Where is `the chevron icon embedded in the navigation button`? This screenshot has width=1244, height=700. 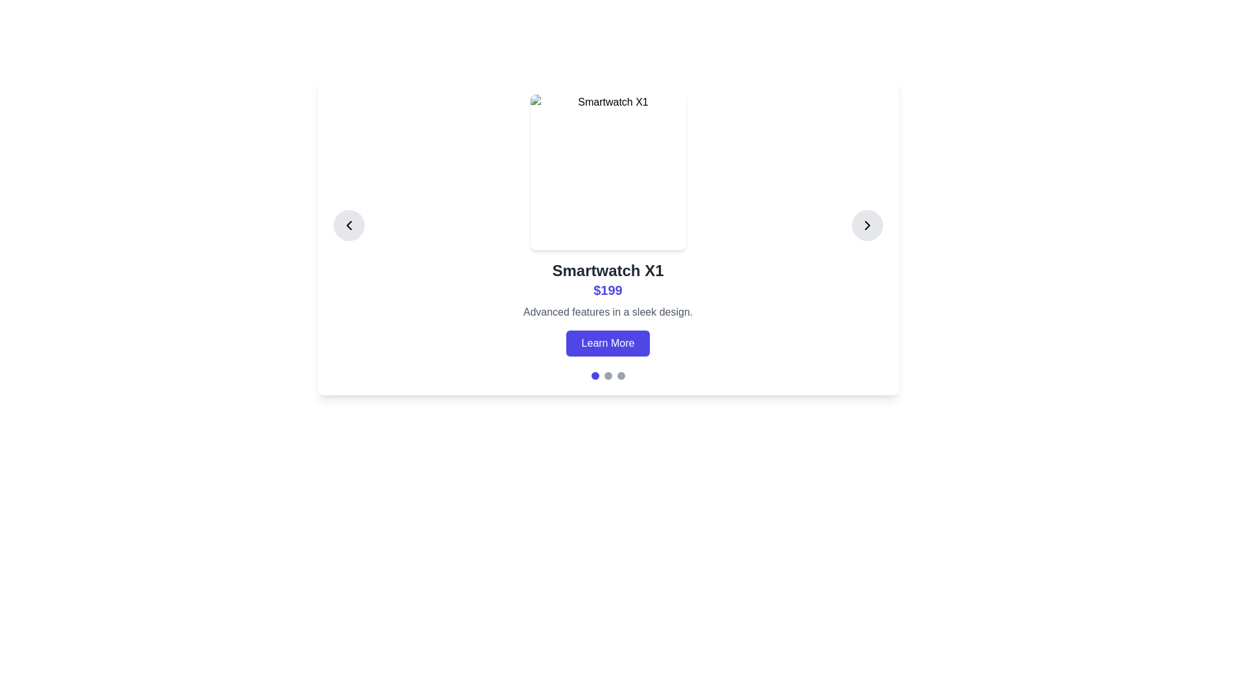
the chevron icon embedded in the navigation button is located at coordinates (867, 224).